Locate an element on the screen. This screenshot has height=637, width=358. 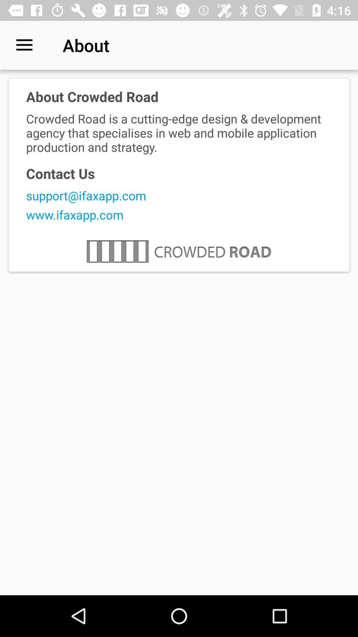
the icon to the left of the about item is located at coordinates (24, 45).